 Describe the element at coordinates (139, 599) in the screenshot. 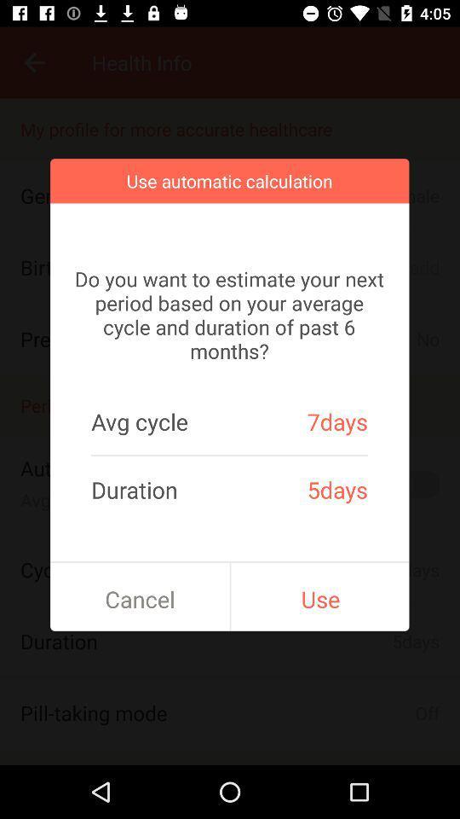

I see `the cancel icon` at that location.